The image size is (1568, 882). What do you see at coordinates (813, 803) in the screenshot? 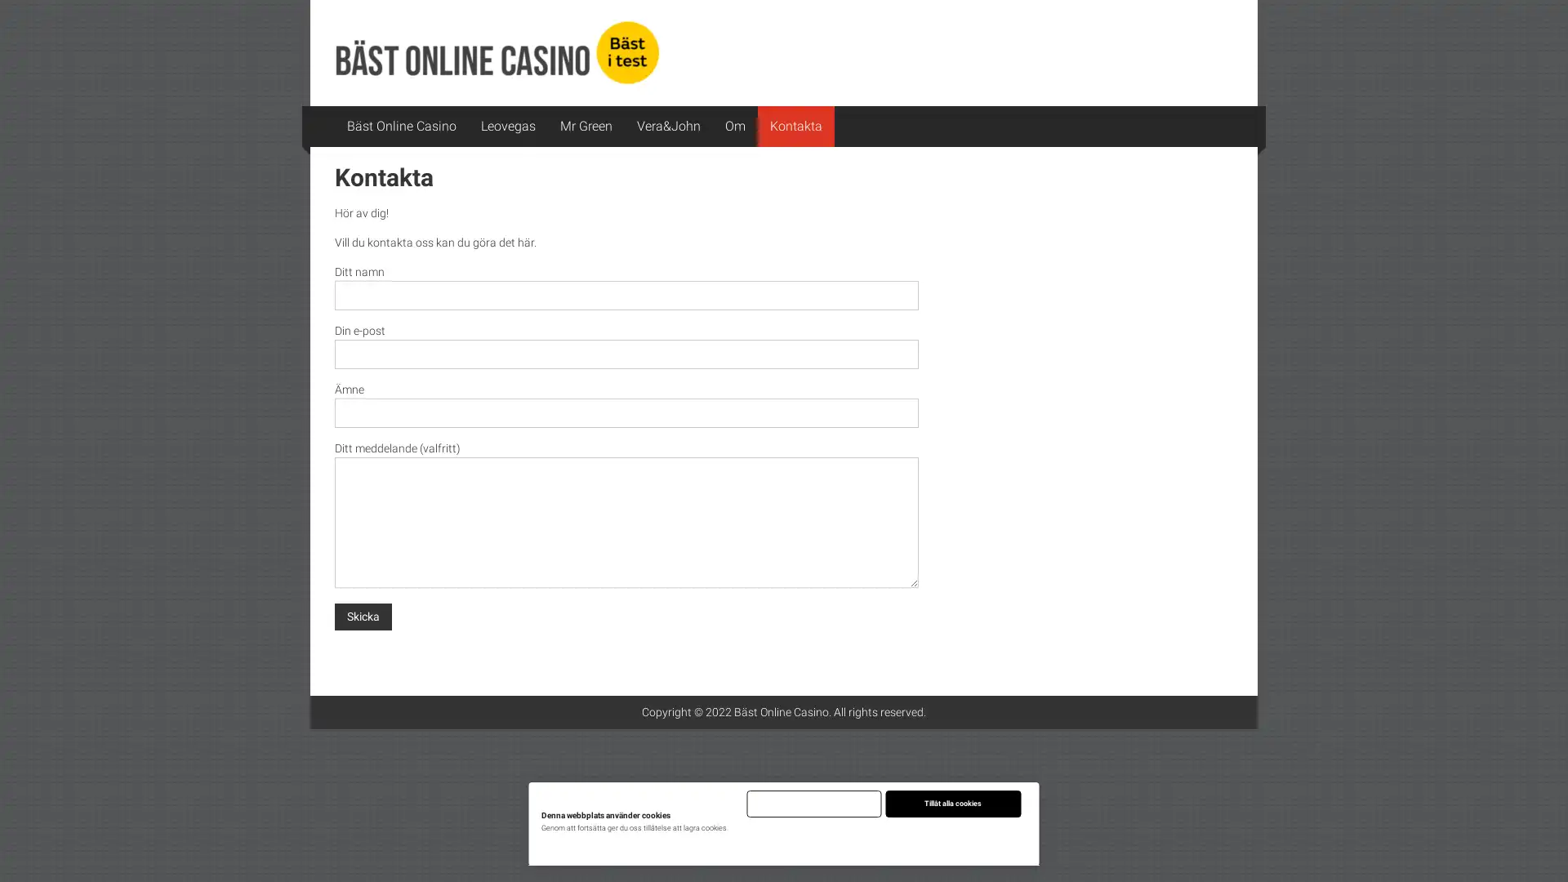
I see `Endast nodvandiga` at bounding box center [813, 803].